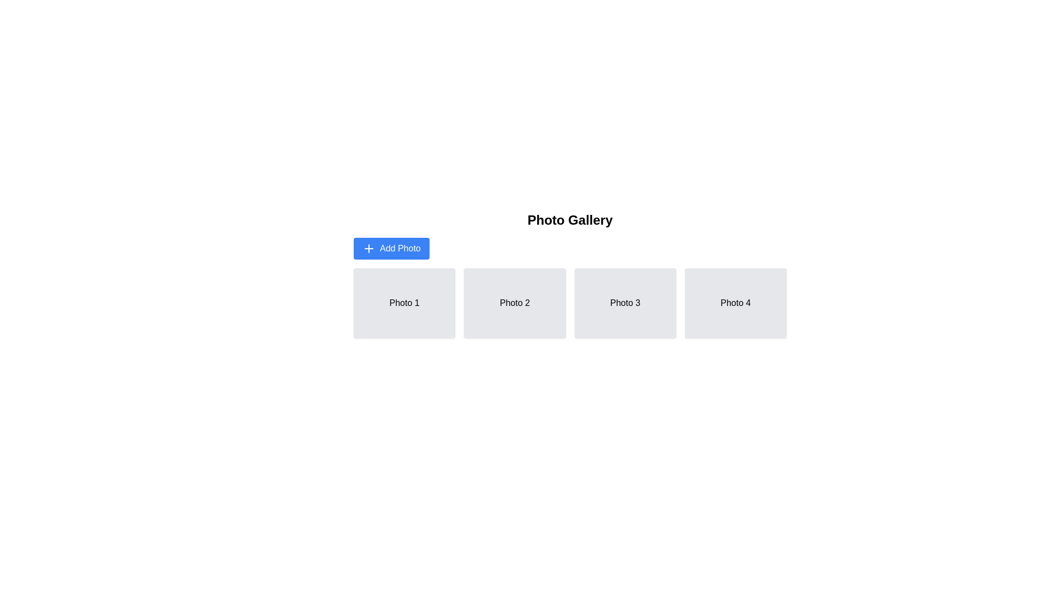 The width and height of the screenshot is (1048, 589). Describe the element at coordinates (514, 303) in the screenshot. I see `the informational tile labeled 'Photo 2', which is a rectangular block with a light gray background and rounded corners, located in a grid layout between 'Photo 1' and 'Photo 3'` at that location.